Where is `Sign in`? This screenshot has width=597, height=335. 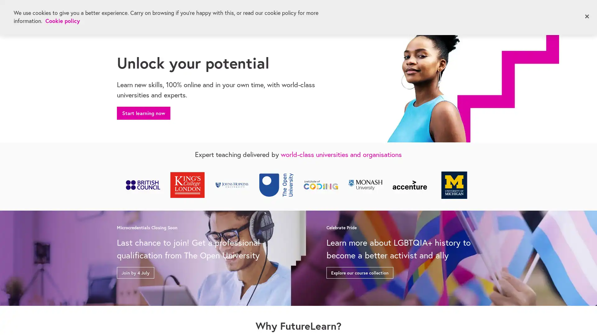
Sign in is located at coordinates (548, 13).